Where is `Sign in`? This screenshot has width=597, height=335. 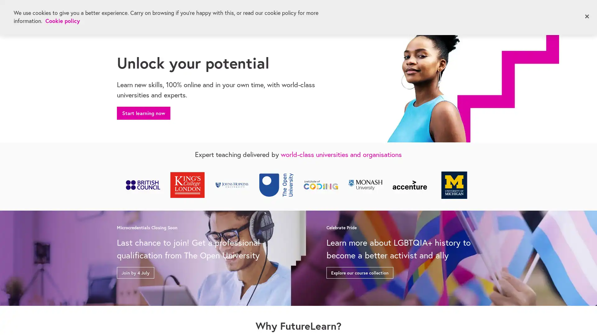
Sign in is located at coordinates (548, 13).